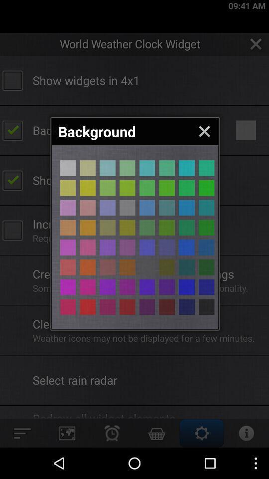  I want to click on different color page, so click(167, 168).